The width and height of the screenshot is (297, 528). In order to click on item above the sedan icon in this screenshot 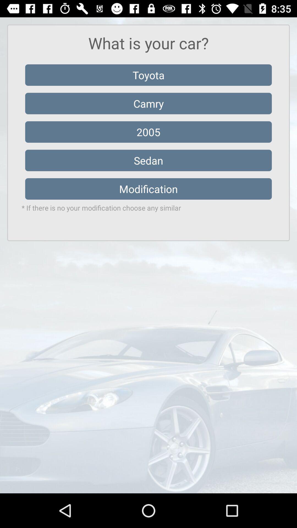, I will do `click(148, 132)`.